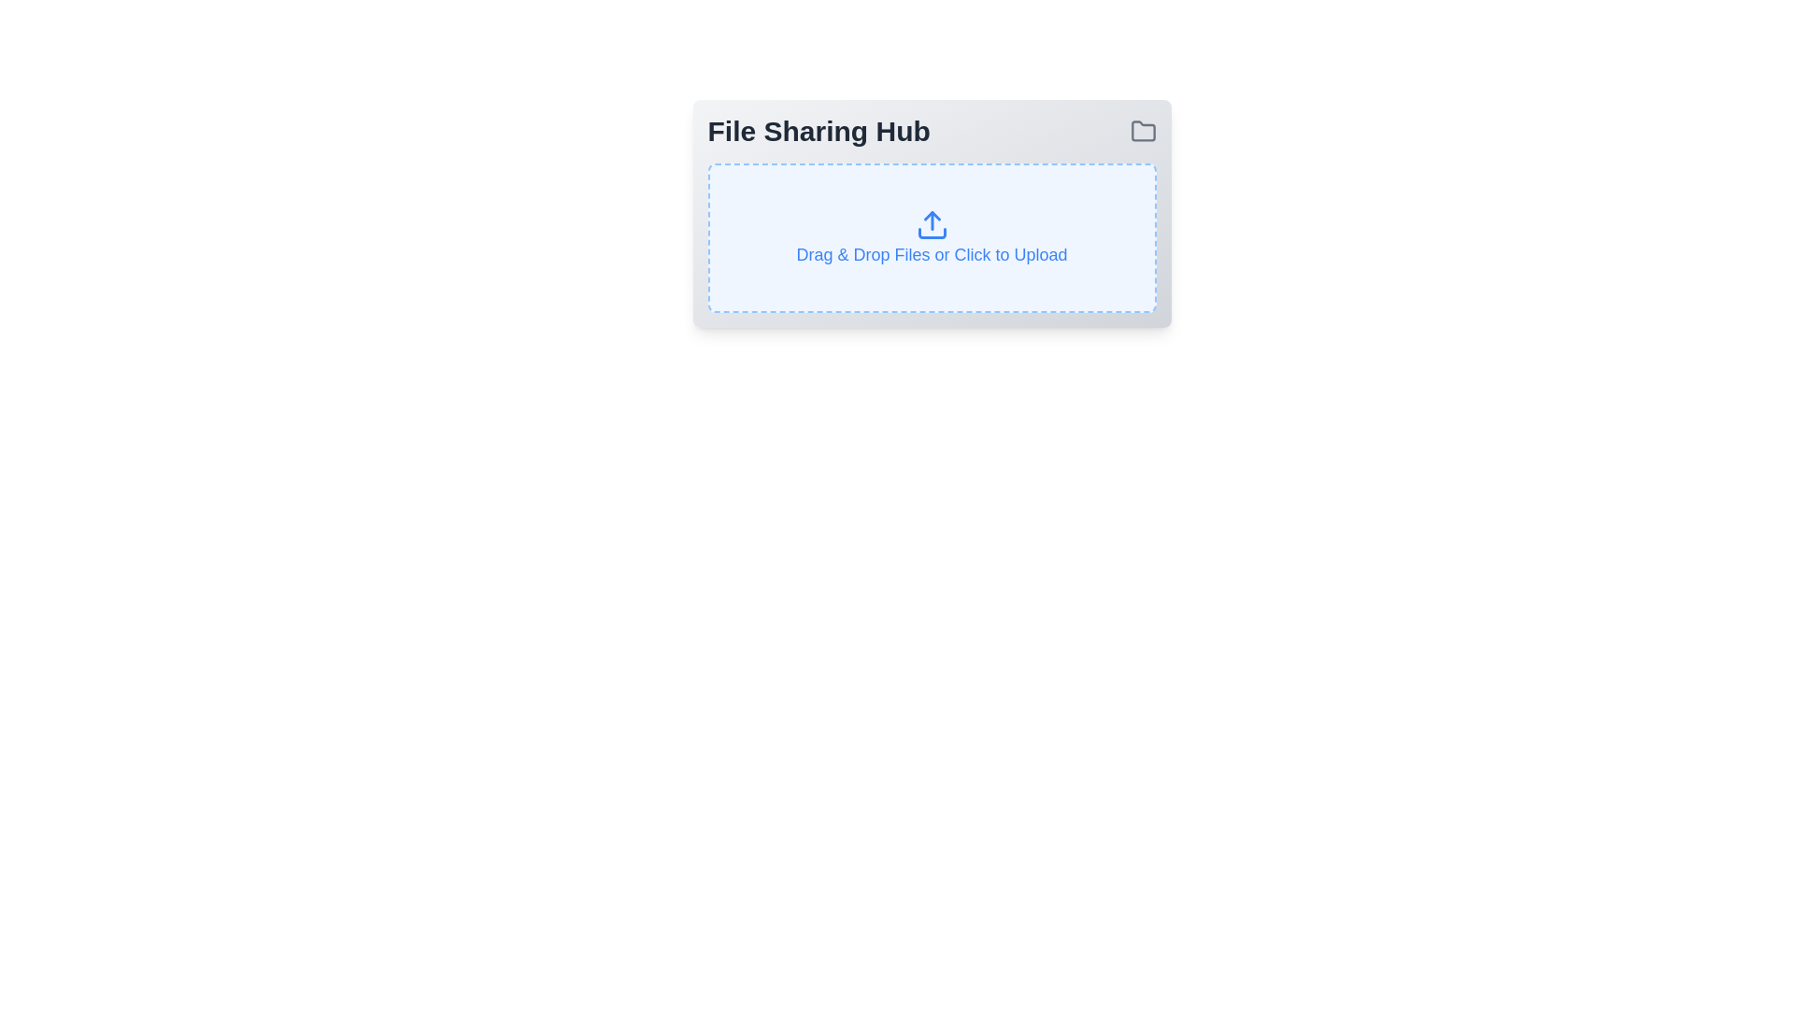 The width and height of the screenshot is (1794, 1009). Describe the element at coordinates (1142, 131) in the screenshot. I see `the folder icon located at the top-right corner of the header section labeled 'File Sharing Hub'` at that location.